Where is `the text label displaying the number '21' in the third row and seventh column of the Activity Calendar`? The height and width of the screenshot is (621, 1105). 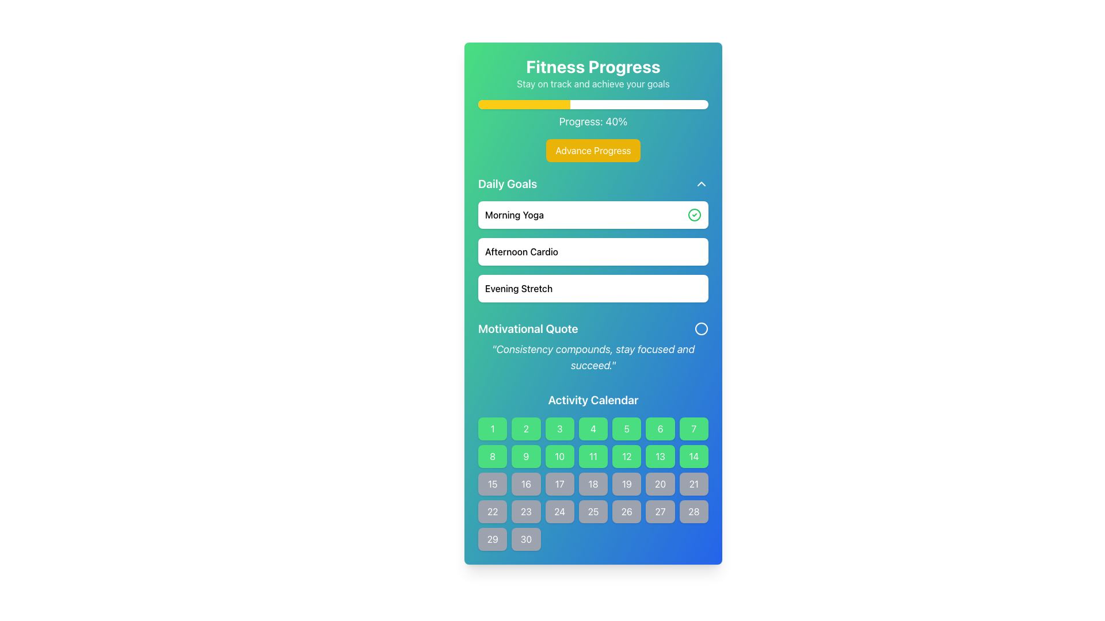 the text label displaying the number '21' in the third row and seventh column of the Activity Calendar is located at coordinates (693, 484).